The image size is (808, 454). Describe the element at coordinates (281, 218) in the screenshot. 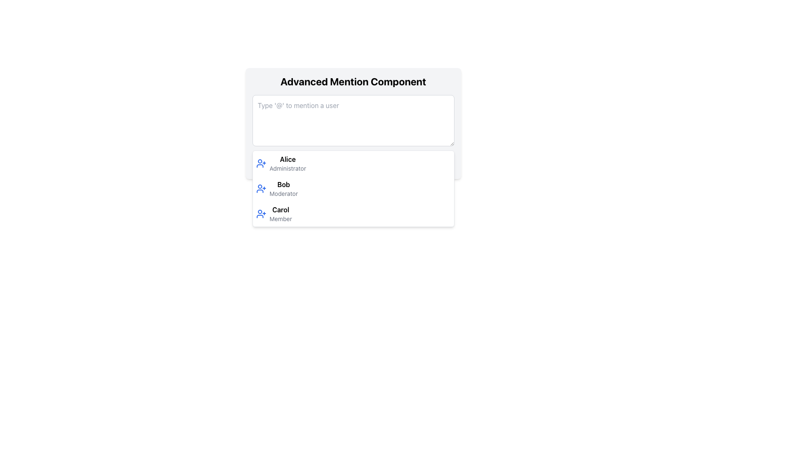

I see `the text label displaying 'Member' in a small-sized gray font, positioned directly below the name 'Carol' in a user listing` at that location.